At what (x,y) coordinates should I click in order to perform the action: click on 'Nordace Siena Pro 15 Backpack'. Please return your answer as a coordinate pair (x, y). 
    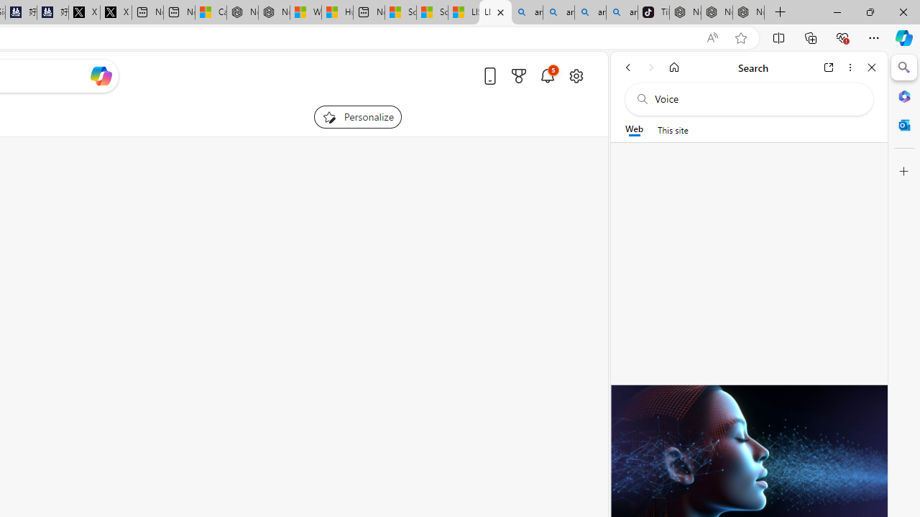
    Looking at the image, I should click on (717, 12).